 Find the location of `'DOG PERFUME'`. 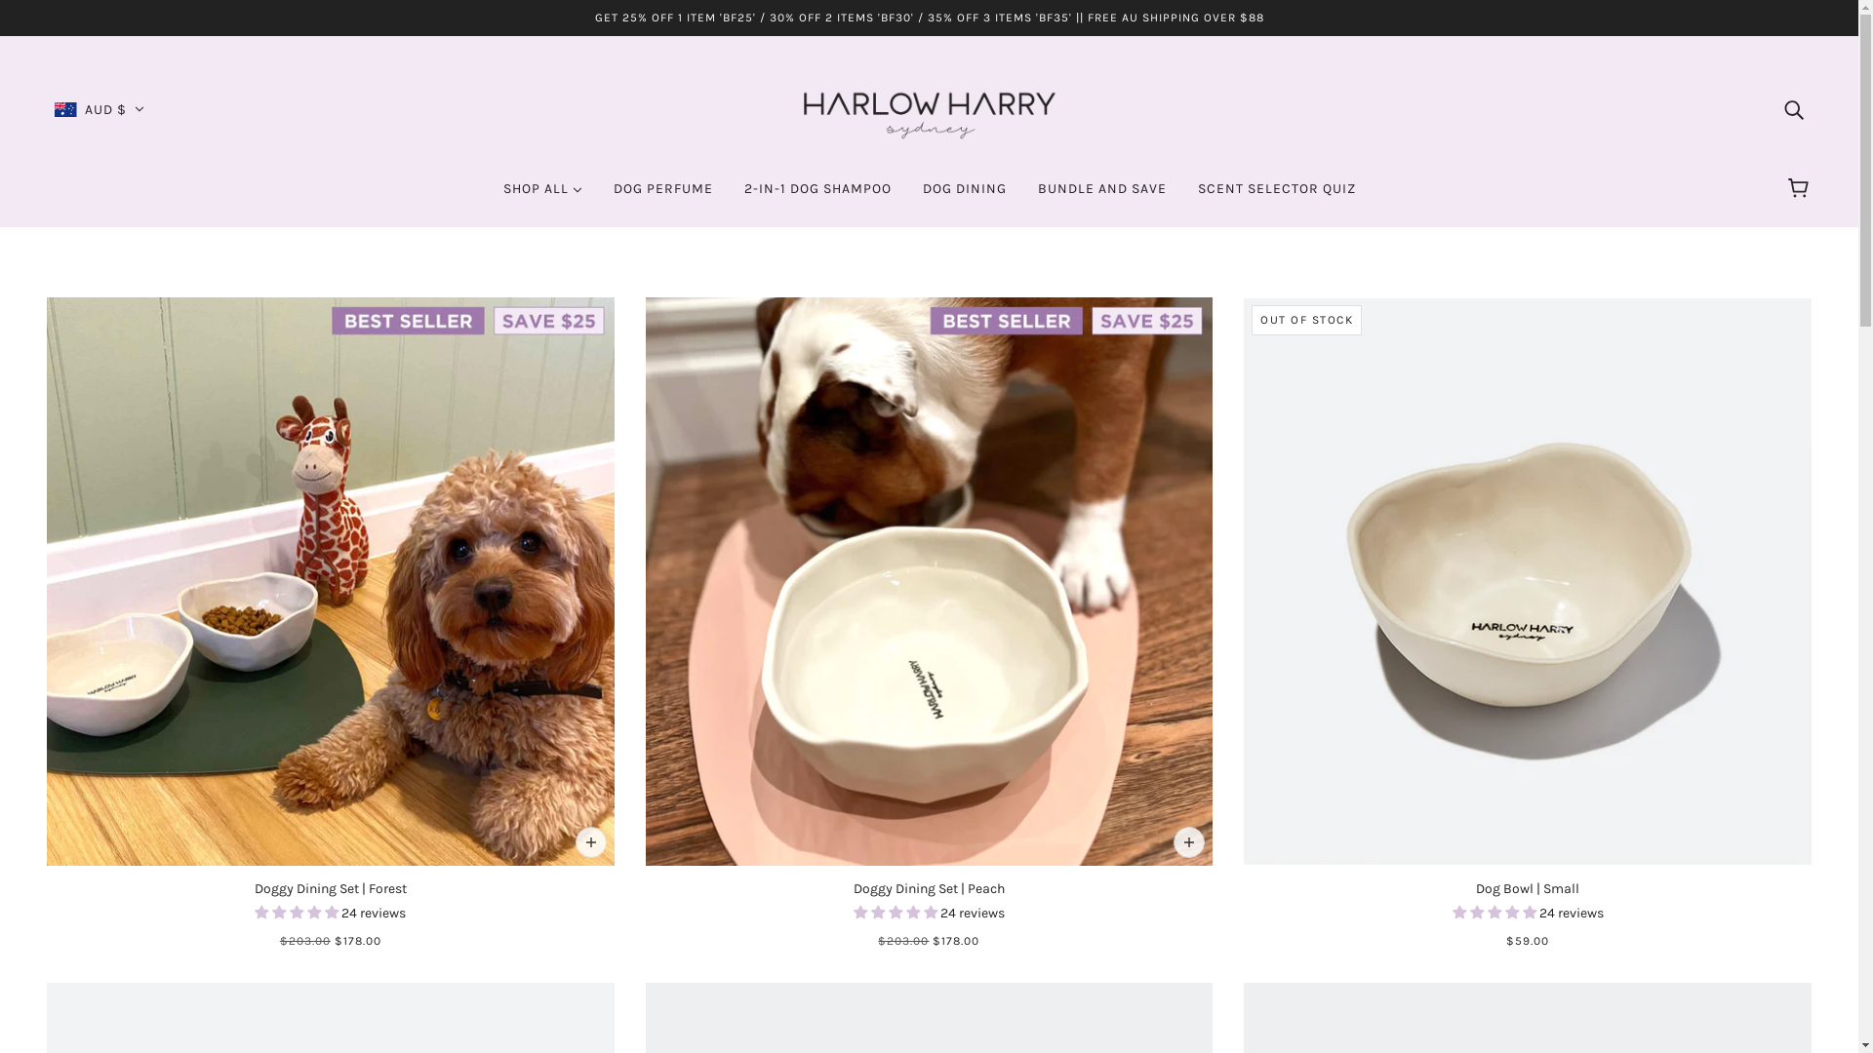

'DOG PERFUME' is located at coordinates (661, 196).